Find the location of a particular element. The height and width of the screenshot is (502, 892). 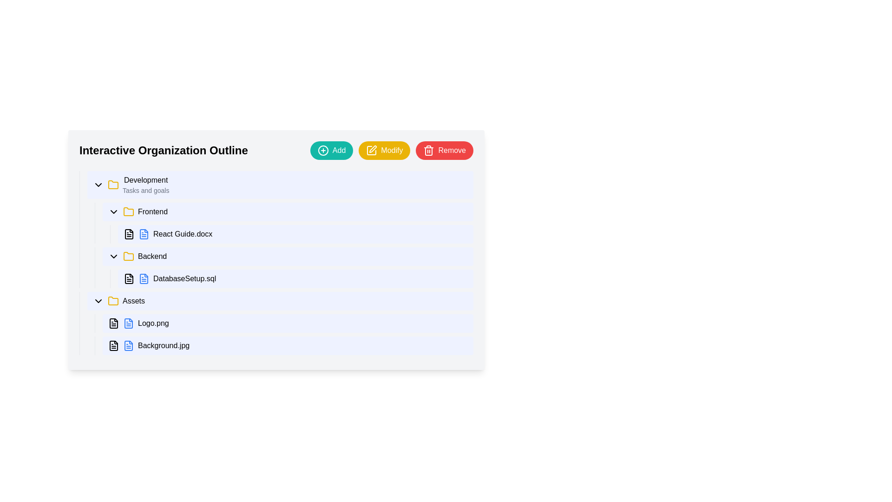

the 'Development' text label that displays 'Development' in bold and 'Tasks and goals' below it, located beneath the yellow folder icon labeled 'Development' is located at coordinates (145, 185).